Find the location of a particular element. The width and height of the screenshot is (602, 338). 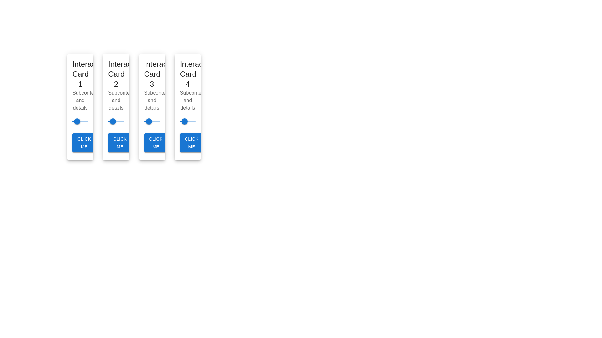

the Text header located in the fourth column of the Interactive Card 4, which serves as the title for the card is located at coordinates (187, 74).